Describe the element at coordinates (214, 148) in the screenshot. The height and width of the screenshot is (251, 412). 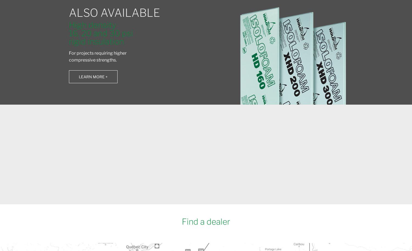
I see `'95-98% air, 2-5% plastics'` at that location.